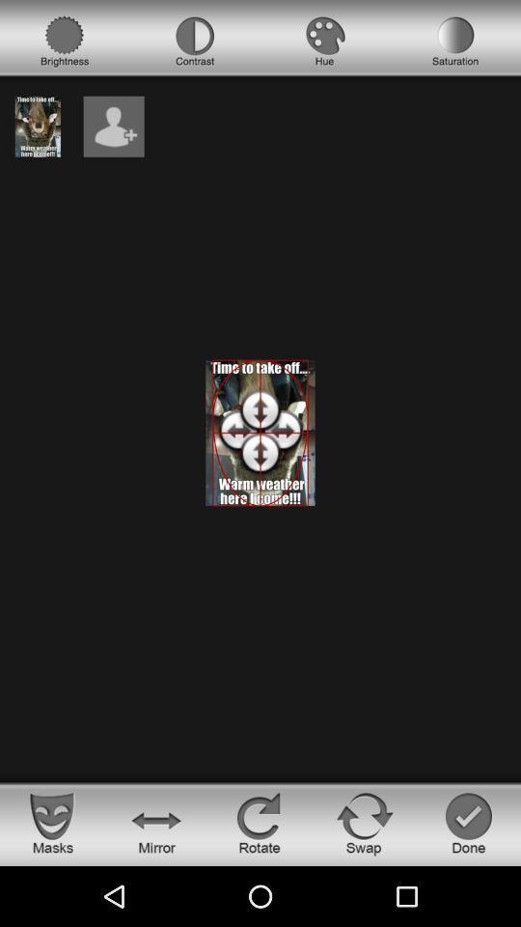 The width and height of the screenshot is (521, 927). Describe the element at coordinates (468, 822) in the screenshot. I see `end editing photo` at that location.